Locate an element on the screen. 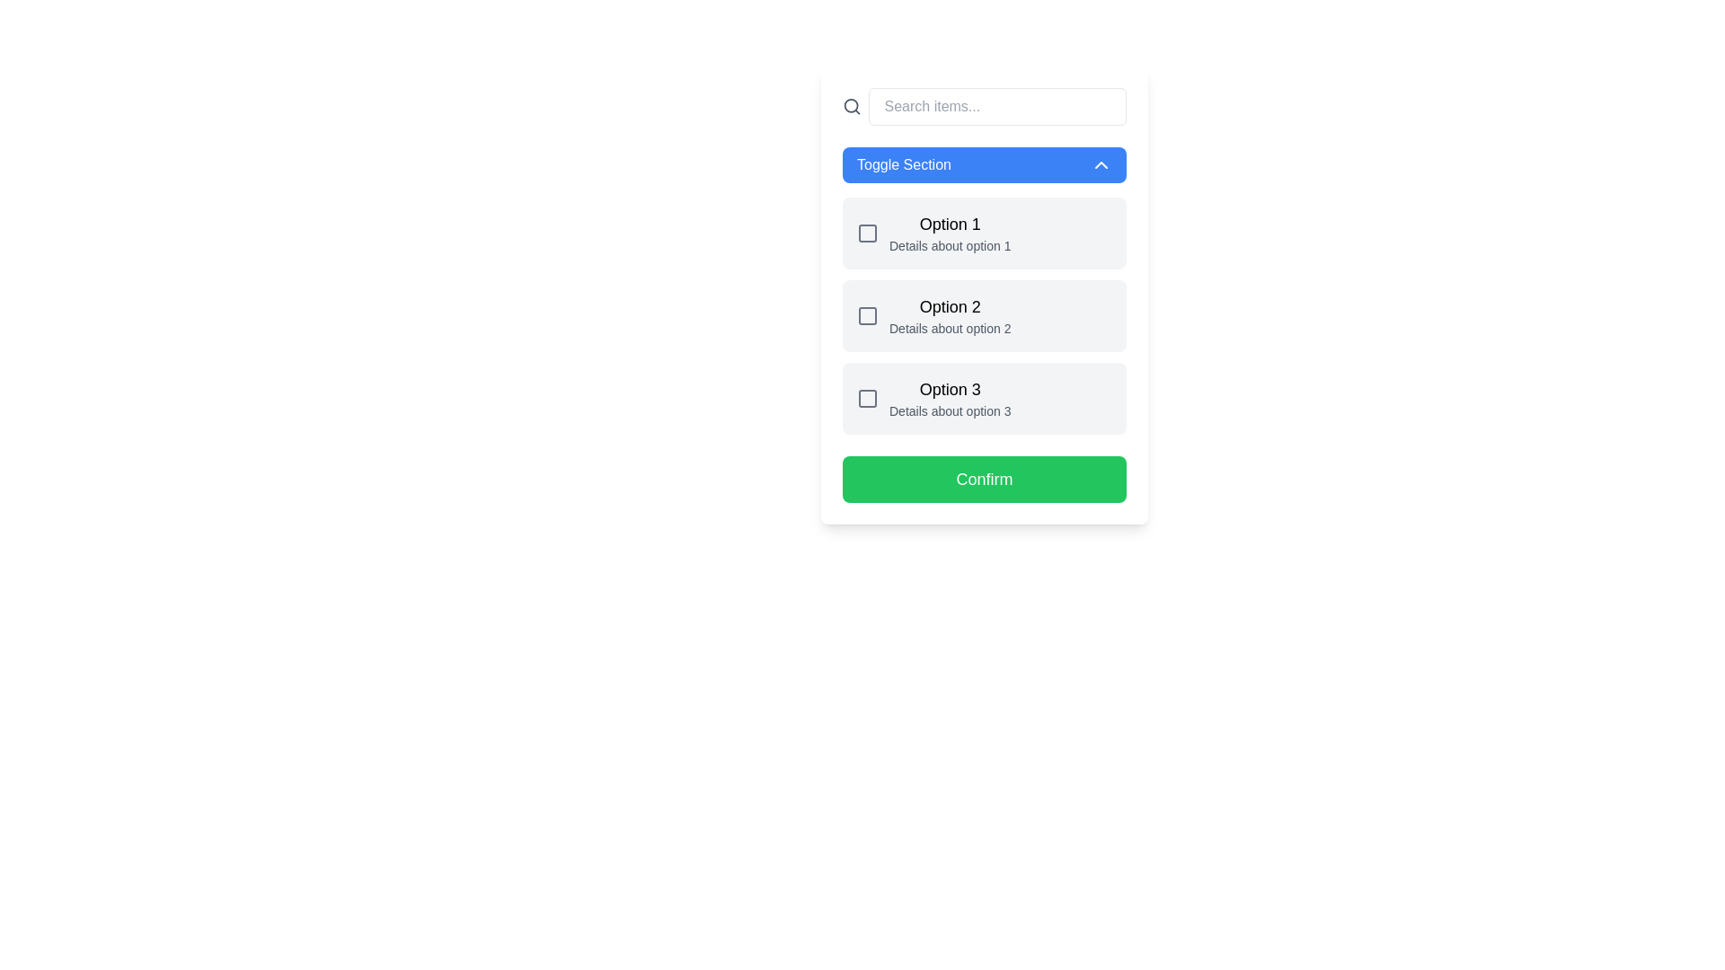  the center of the first row list item that displays a selectable option with bold primary text and additional details is located at coordinates (949, 232).